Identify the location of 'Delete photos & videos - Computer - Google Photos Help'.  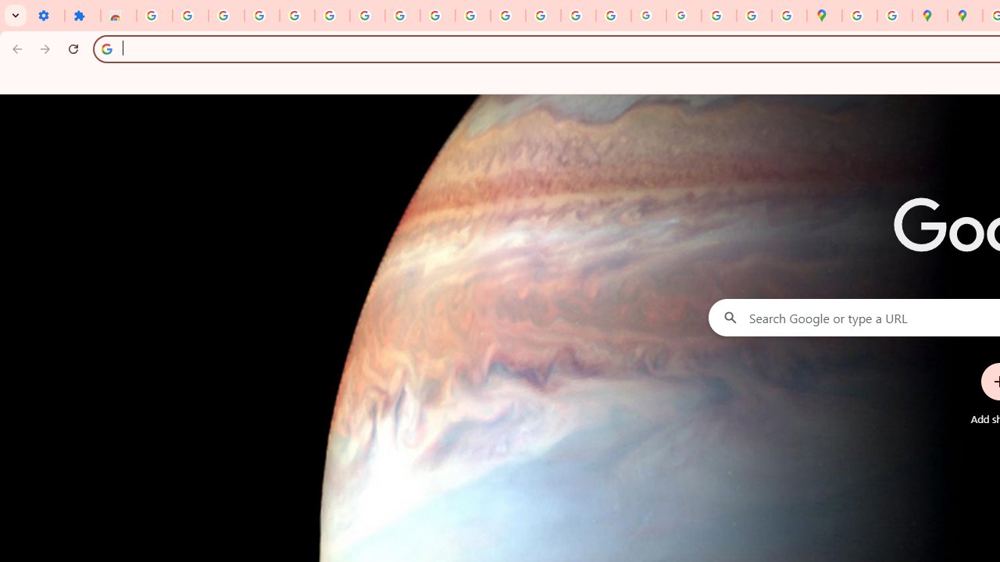
(226, 16).